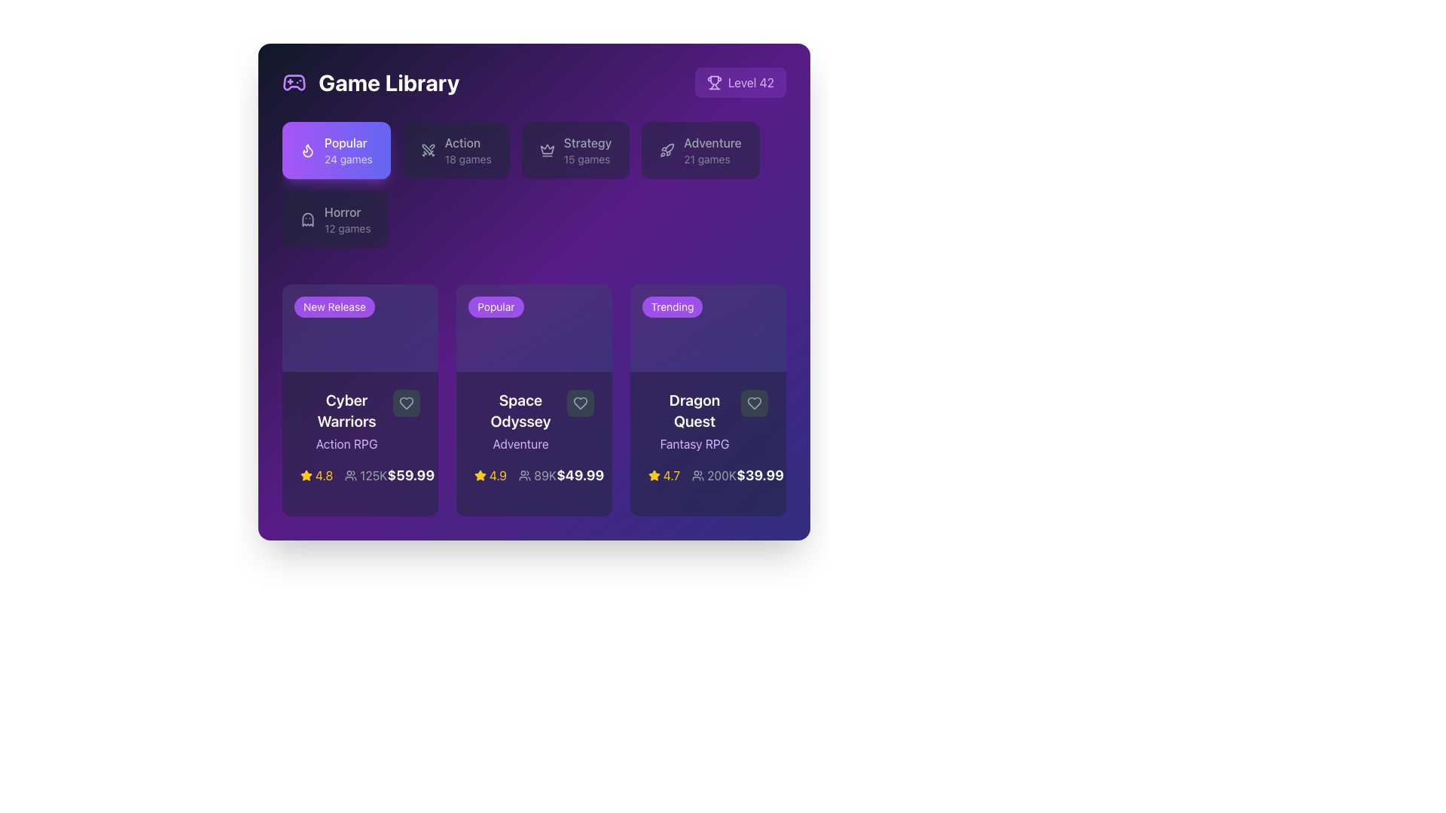  Describe the element at coordinates (712, 151) in the screenshot. I see `the 'Adventure' category button in the top navigation section of the Game Library interface to filter the game list to Adventure-themed games` at that location.